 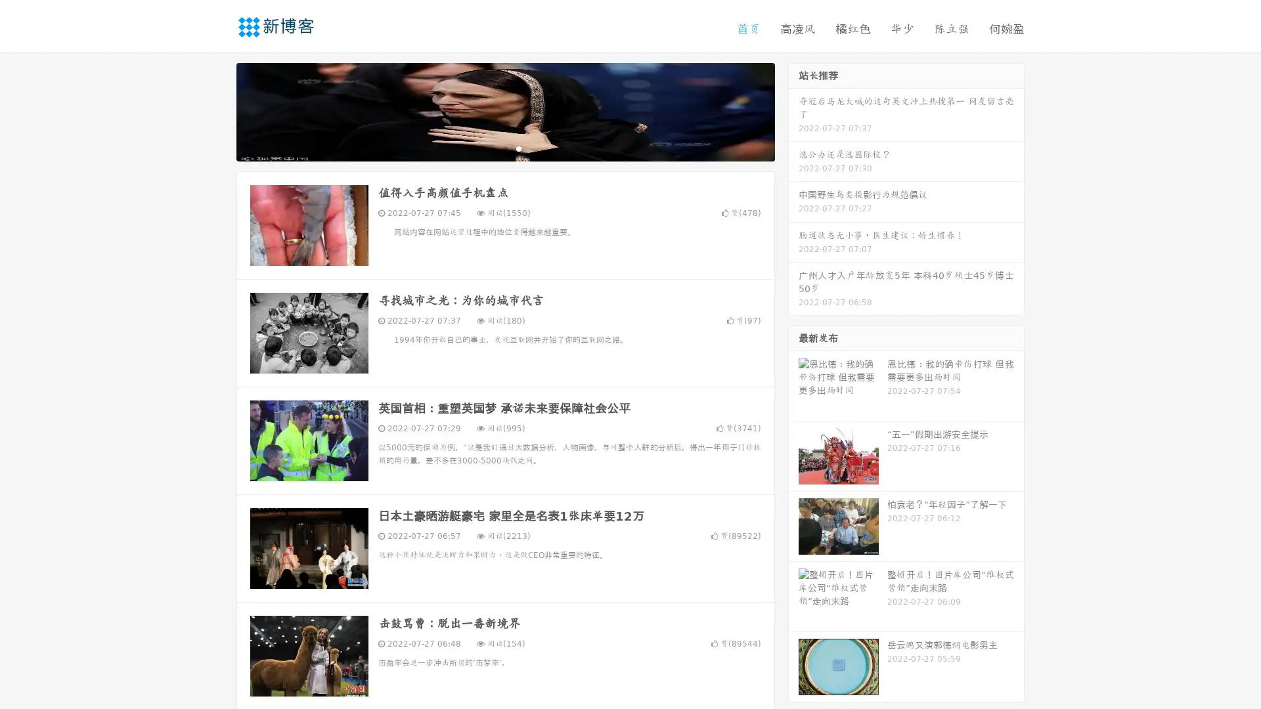 What do you see at coordinates (217, 110) in the screenshot?
I see `Previous slide` at bounding box center [217, 110].